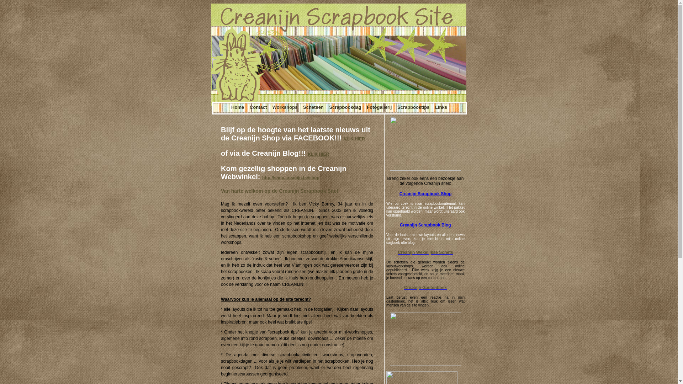 This screenshot has height=384, width=683. I want to click on 'Links', so click(440, 107).